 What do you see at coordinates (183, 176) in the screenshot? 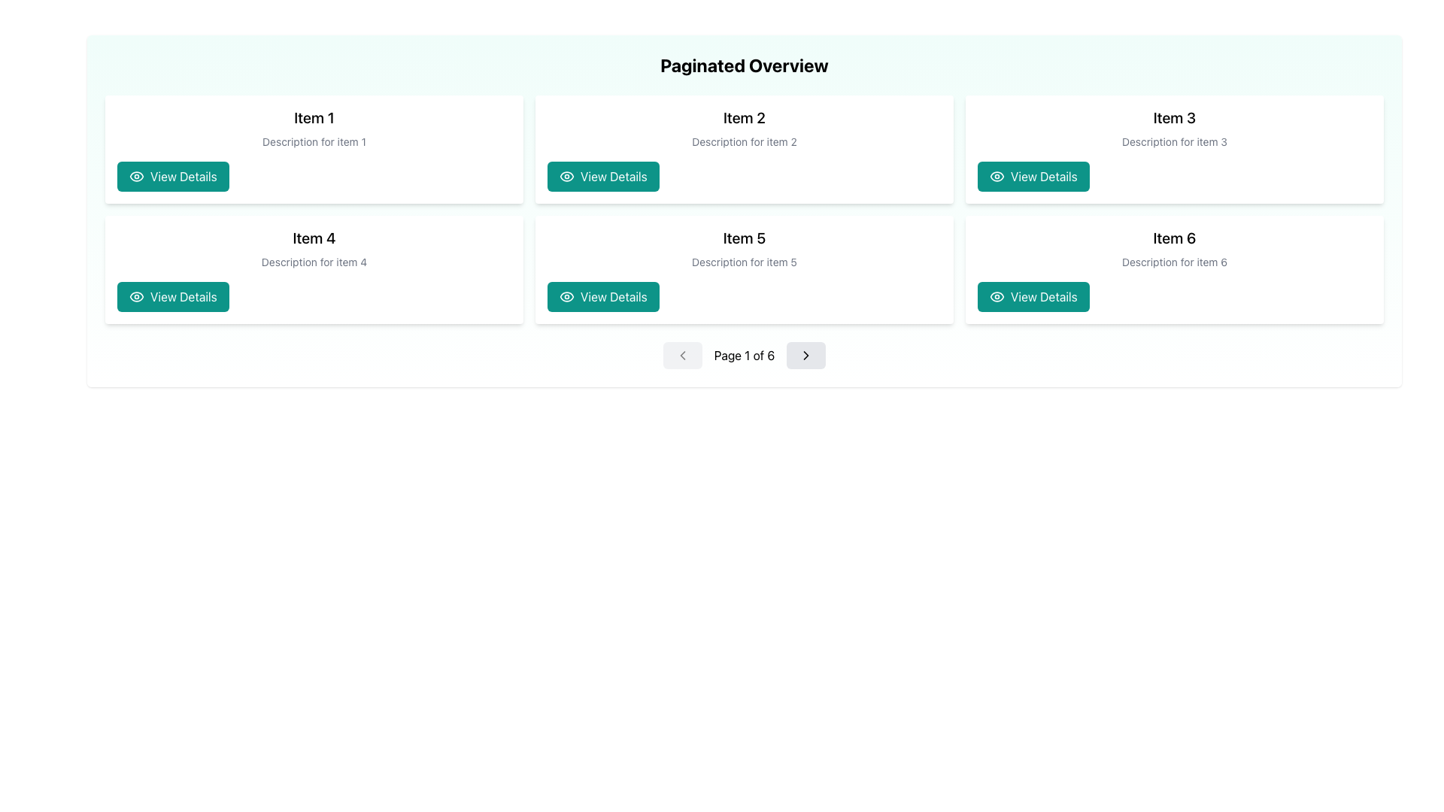
I see `the 'View Details' text label within the first button under 'Item 1'` at bounding box center [183, 176].